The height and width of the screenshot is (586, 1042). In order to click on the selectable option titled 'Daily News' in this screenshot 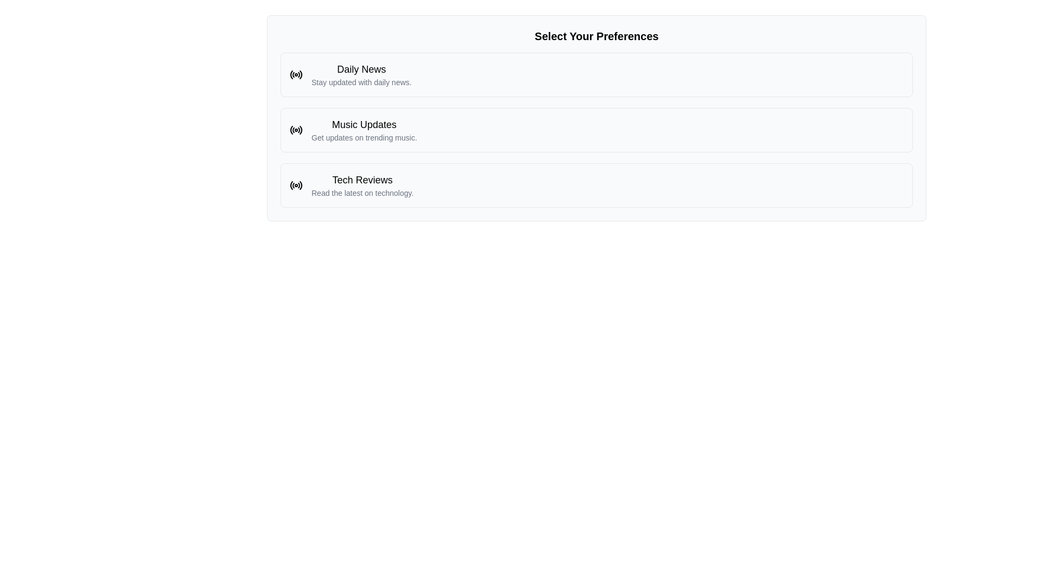, I will do `click(596, 74)`.